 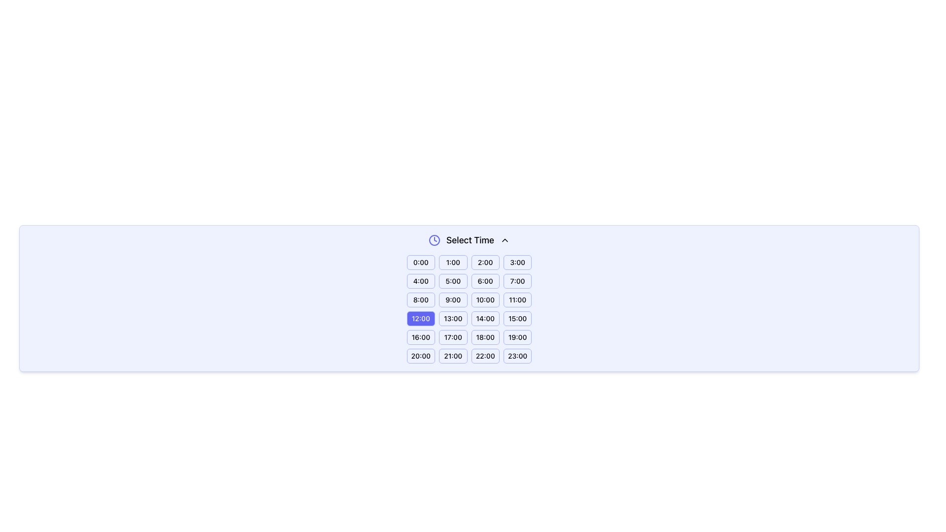 I want to click on the time selection button located in the second column and second row of the grid layout, so click(x=452, y=281).